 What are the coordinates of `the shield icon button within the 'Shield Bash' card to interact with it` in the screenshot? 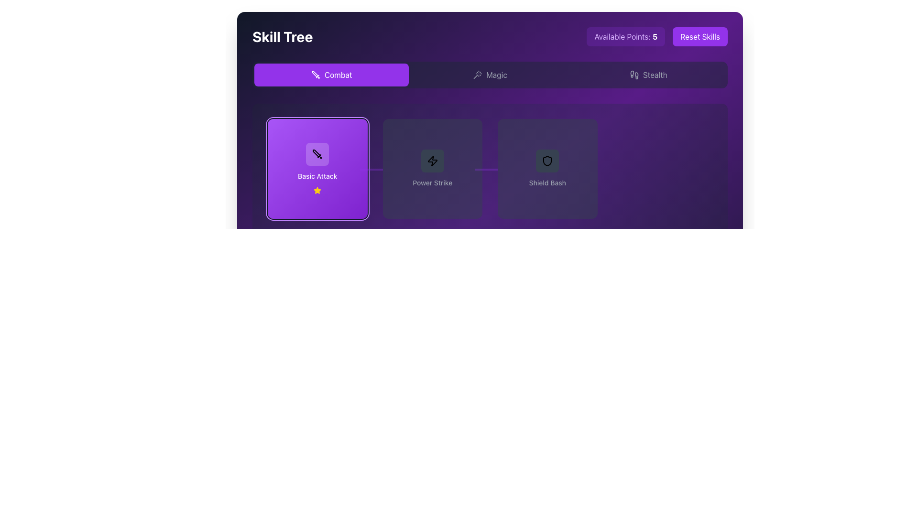 It's located at (547, 161).